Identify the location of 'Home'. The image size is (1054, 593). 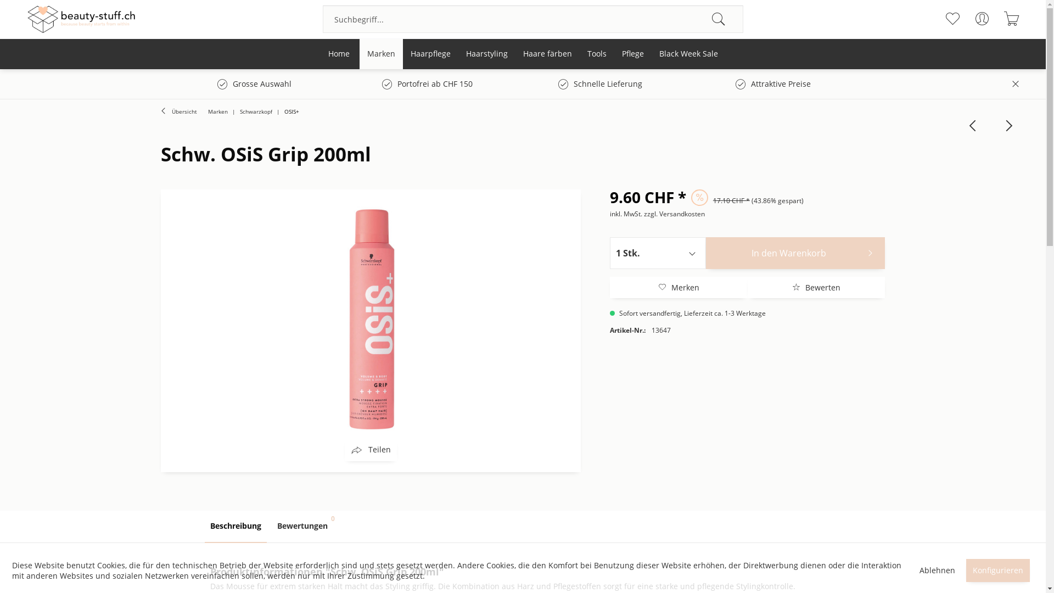
(338, 54).